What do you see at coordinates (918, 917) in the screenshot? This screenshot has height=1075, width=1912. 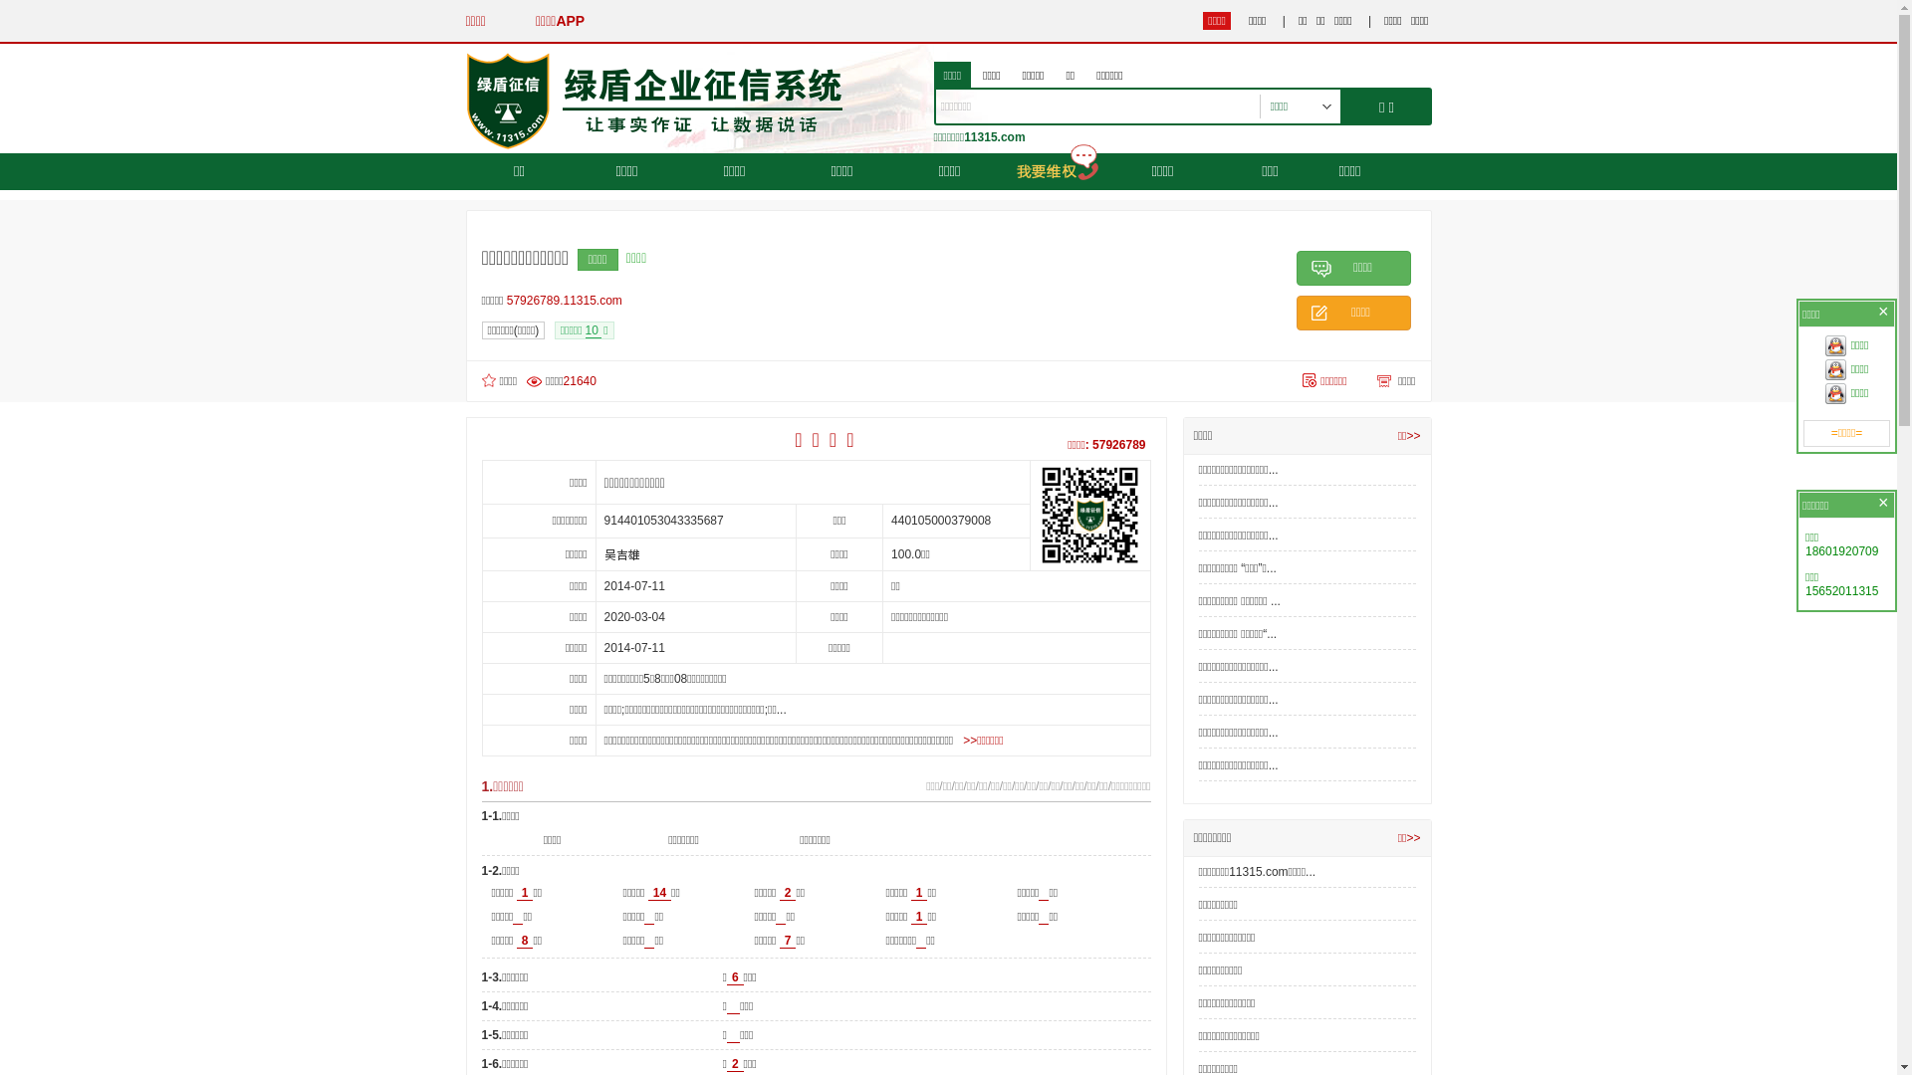 I see `'1'` at bounding box center [918, 917].